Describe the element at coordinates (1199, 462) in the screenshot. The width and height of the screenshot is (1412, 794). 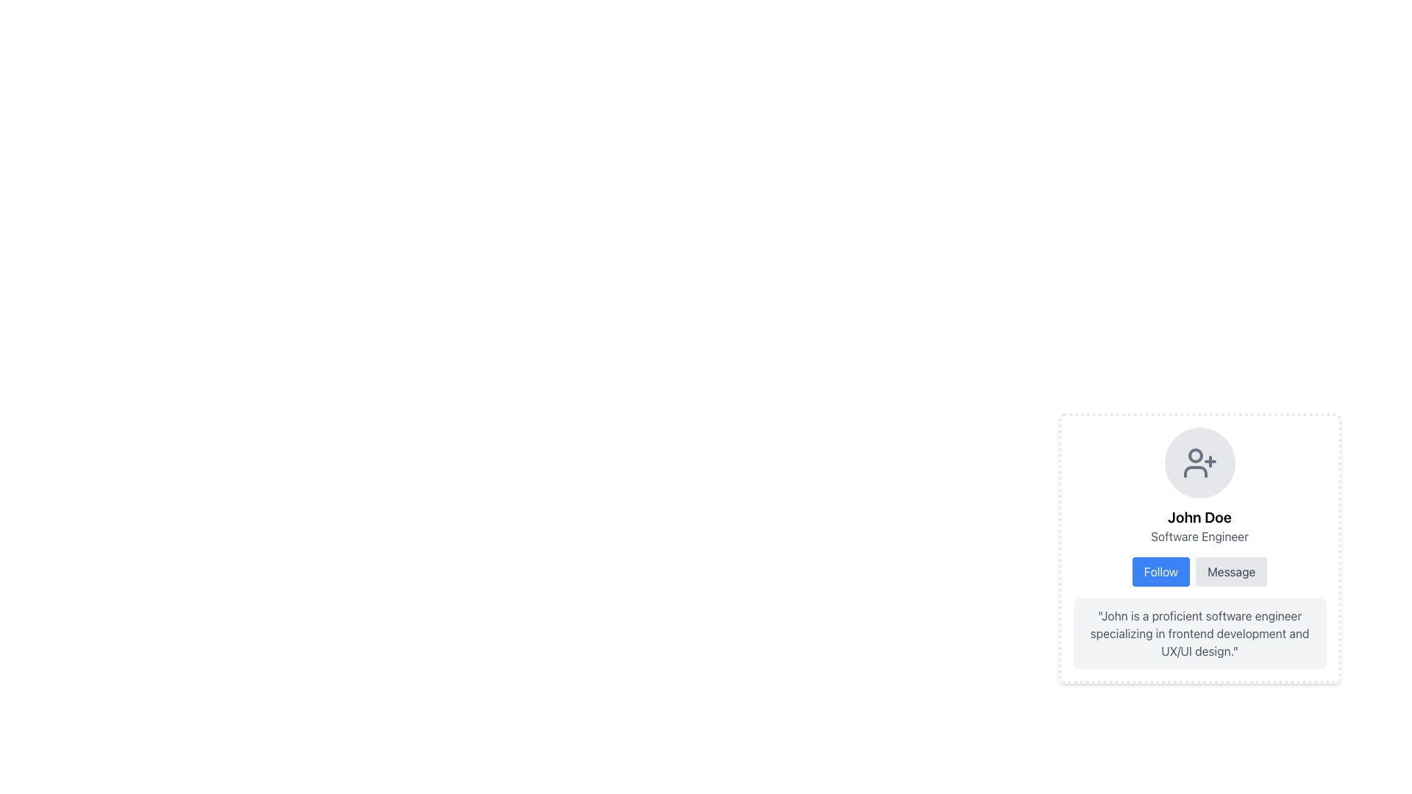
I see `the user icon with a plus sign, which is centered at the top of the profile card` at that location.